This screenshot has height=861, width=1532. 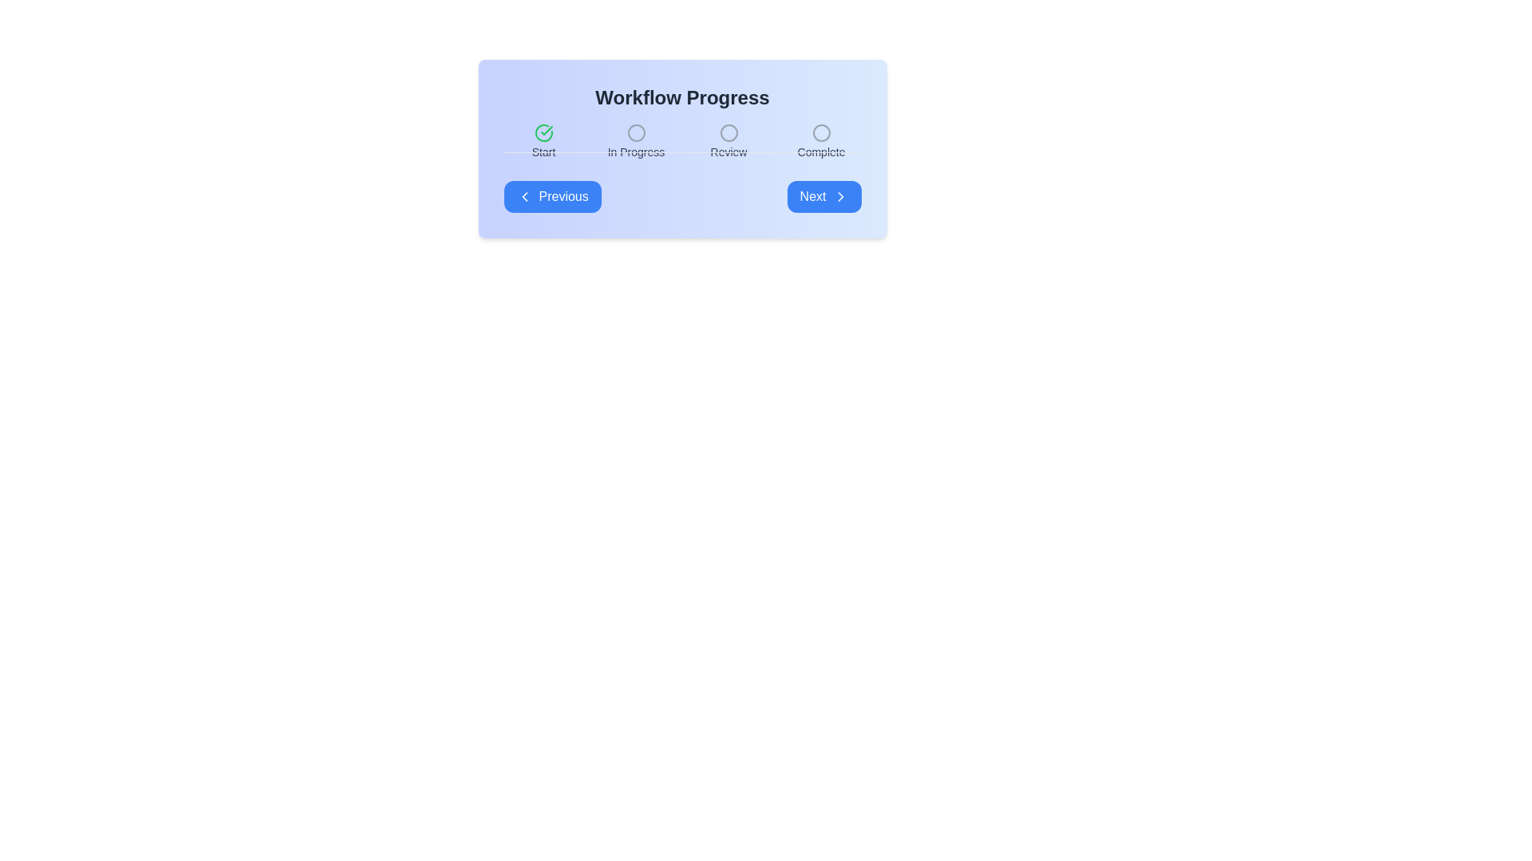 What do you see at coordinates (728, 152) in the screenshot?
I see `the 'Review' text label in the workflow progress indicator, which is the third label in the sequence and is centrally aligned beneath its corresponding icon` at bounding box center [728, 152].